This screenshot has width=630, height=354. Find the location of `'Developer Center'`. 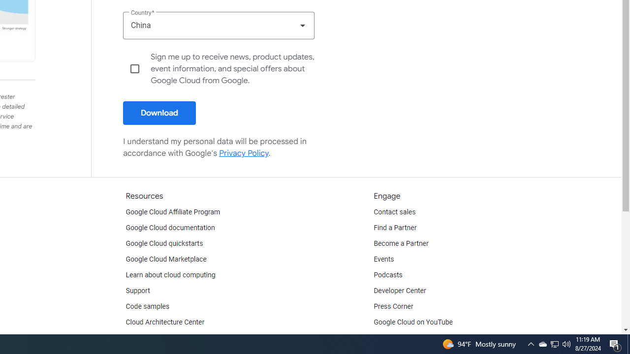

'Developer Center' is located at coordinates (400, 290).